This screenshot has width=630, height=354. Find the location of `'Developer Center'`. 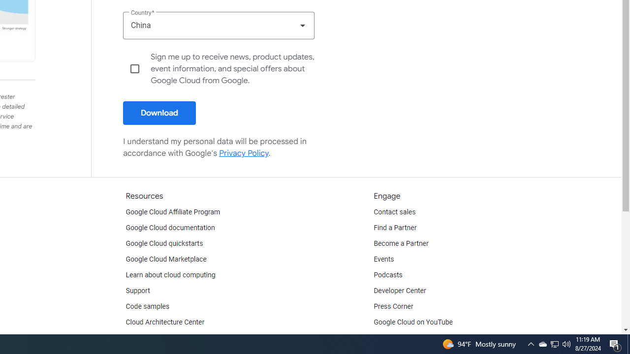

'Developer Center' is located at coordinates (400, 290).